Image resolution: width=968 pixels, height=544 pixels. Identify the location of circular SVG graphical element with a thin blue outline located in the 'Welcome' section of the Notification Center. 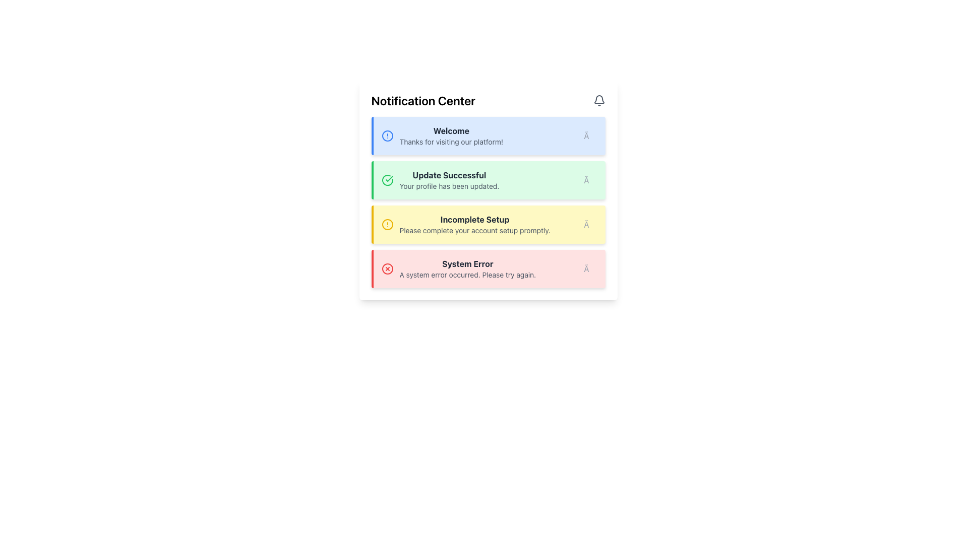
(387, 136).